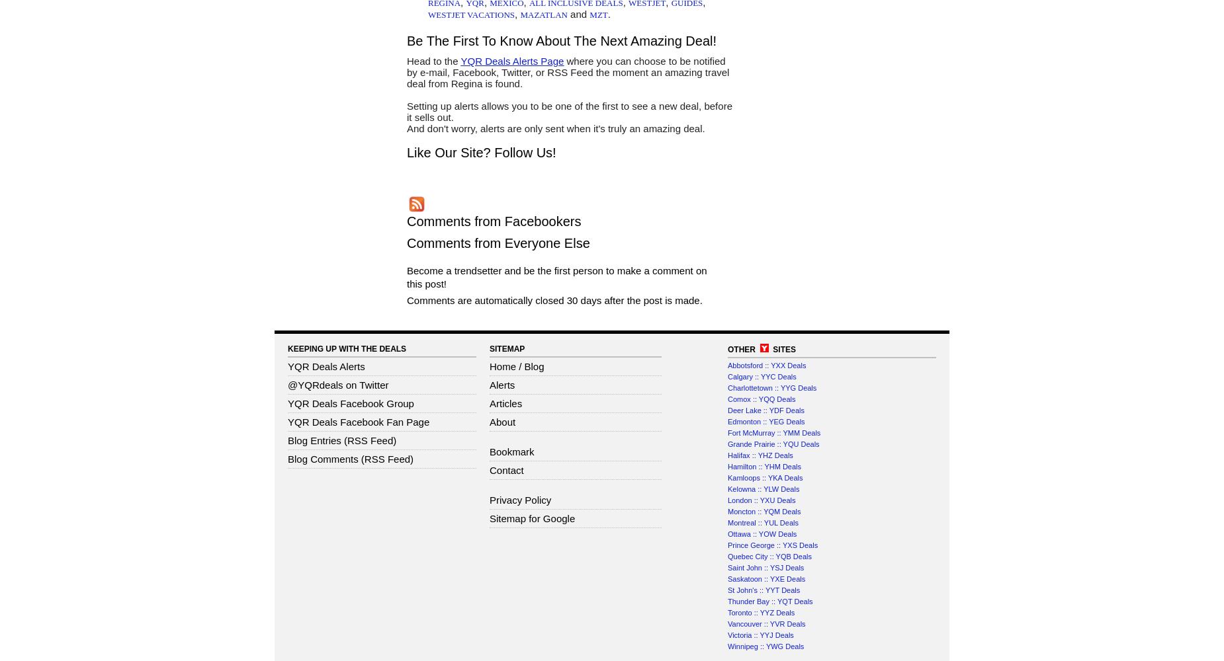 The height and width of the screenshot is (661, 1224). I want to click on 'London :: YXU Deals', so click(761, 500).